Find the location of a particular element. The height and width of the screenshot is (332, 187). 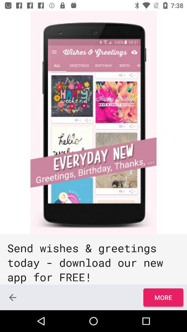

the icon next to more item is located at coordinates (12, 297).